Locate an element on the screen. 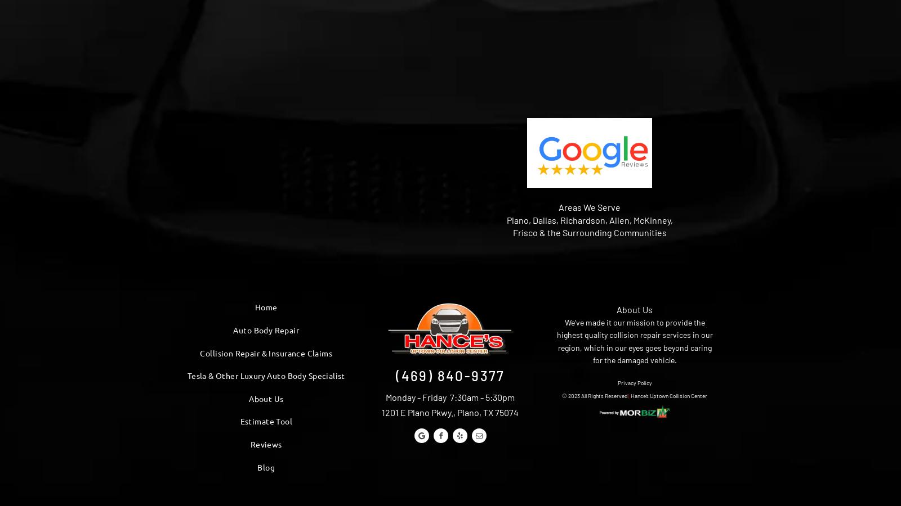  'Reviews' is located at coordinates (265, 444).